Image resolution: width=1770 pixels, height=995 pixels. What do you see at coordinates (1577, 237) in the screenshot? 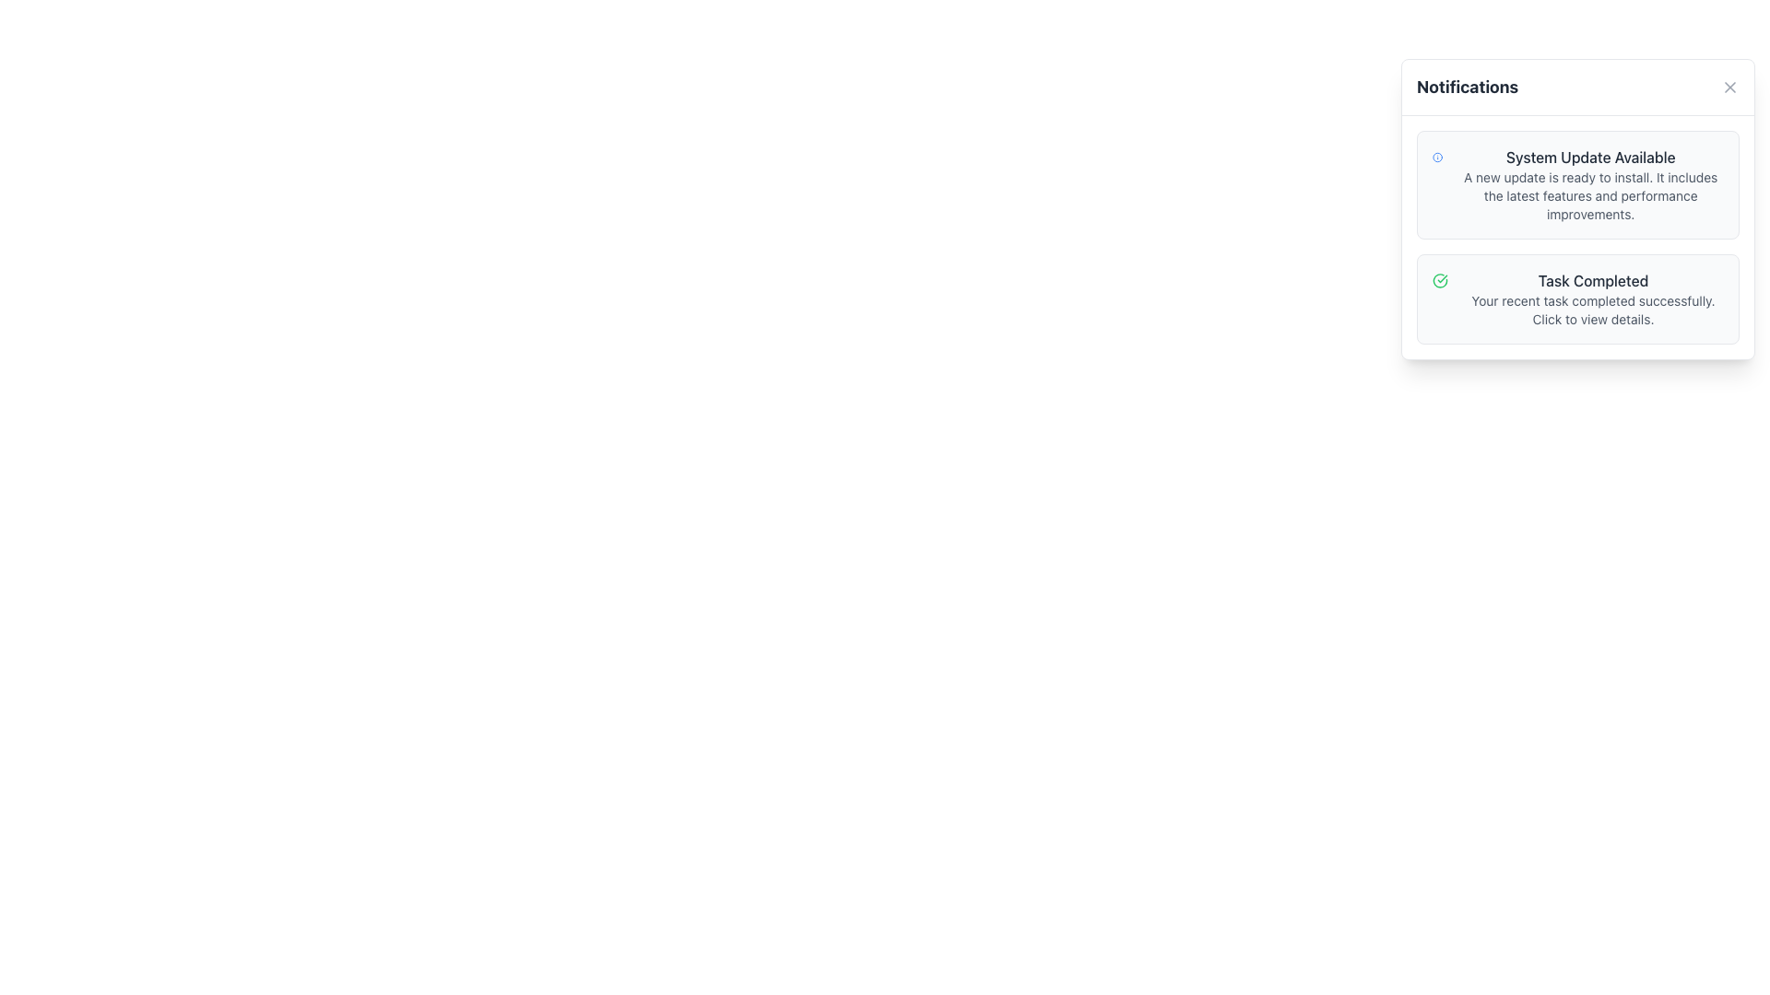
I see `the notification messages in the rectangular area containing 'System Update Available' and 'Task Completed', located in the top-right corner of the notification panel` at bounding box center [1577, 237].